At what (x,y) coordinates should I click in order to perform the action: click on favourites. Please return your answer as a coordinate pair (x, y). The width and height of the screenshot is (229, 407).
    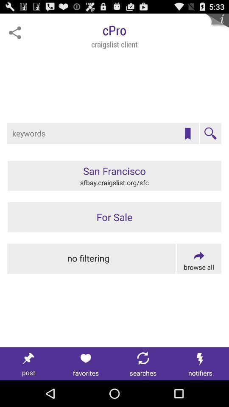
    Looking at the image, I should click on (187, 134).